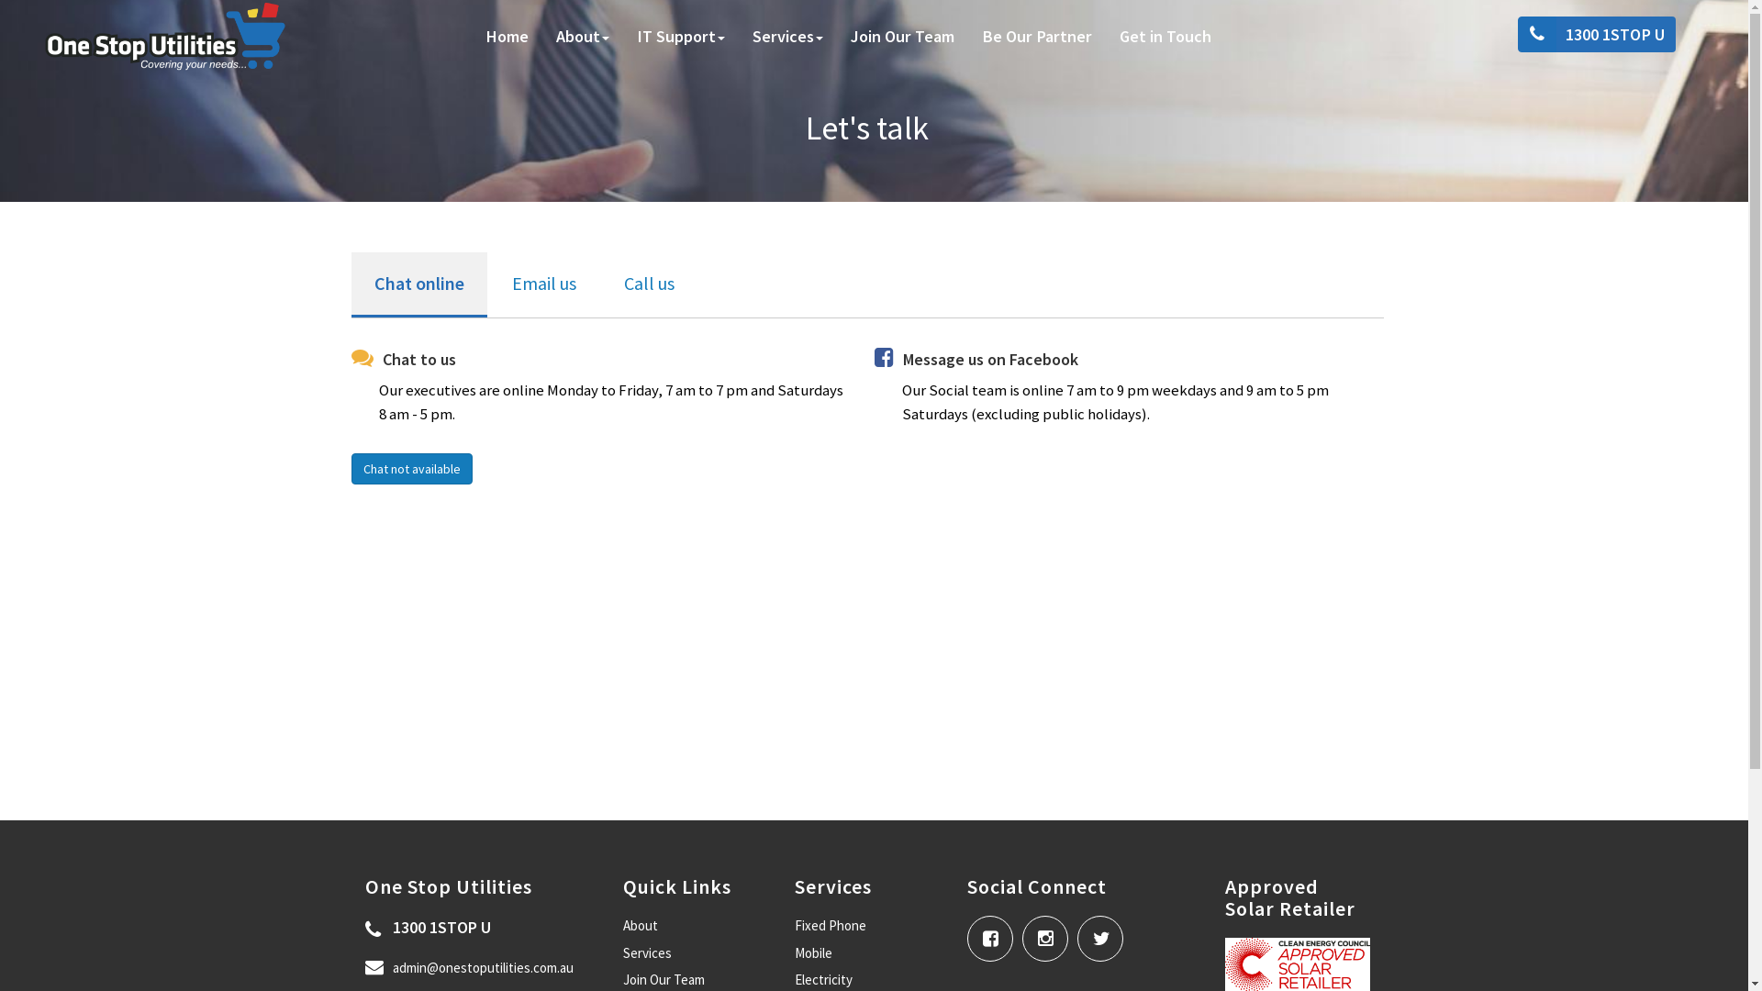 The image size is (1762, 991). What do you see at coordinates (581, 36) in the screenshot?
I see `'About'` at bounding box center [581, 36].